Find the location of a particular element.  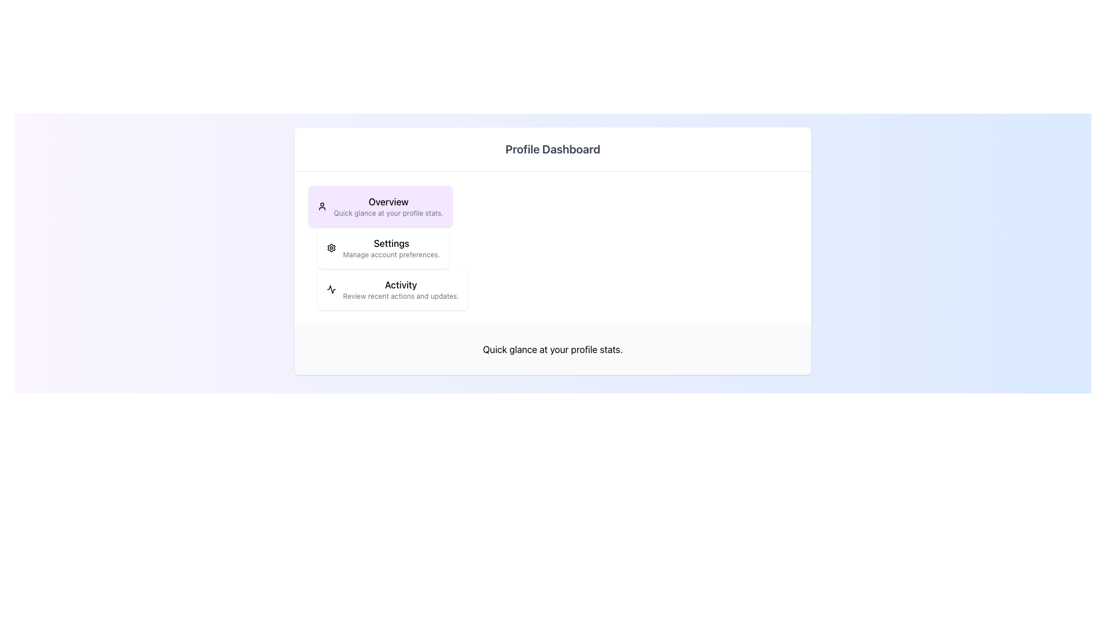

the navigation button that accesses the activity section of the application, positioned as the third button in a vertical sequence within the main dashboard area is located at coordinates (393, 288).